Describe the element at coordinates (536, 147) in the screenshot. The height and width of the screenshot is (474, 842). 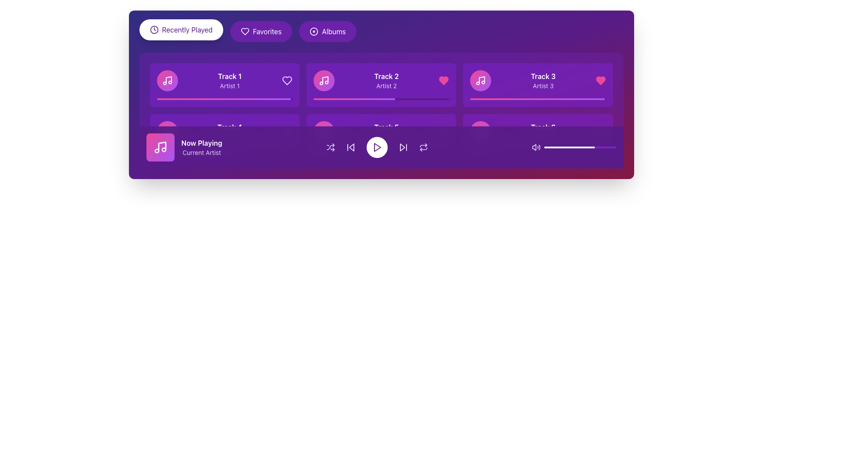
I see `the small purple speaker icon located on the left side of the horizontal volume control bar` at that location.